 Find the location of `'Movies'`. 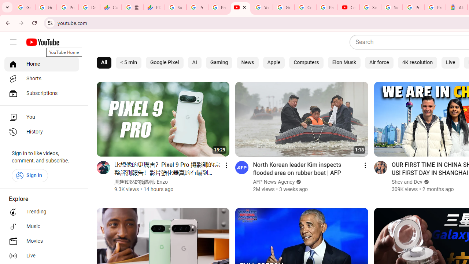

'Movies' is located at coordinates (41, 241).